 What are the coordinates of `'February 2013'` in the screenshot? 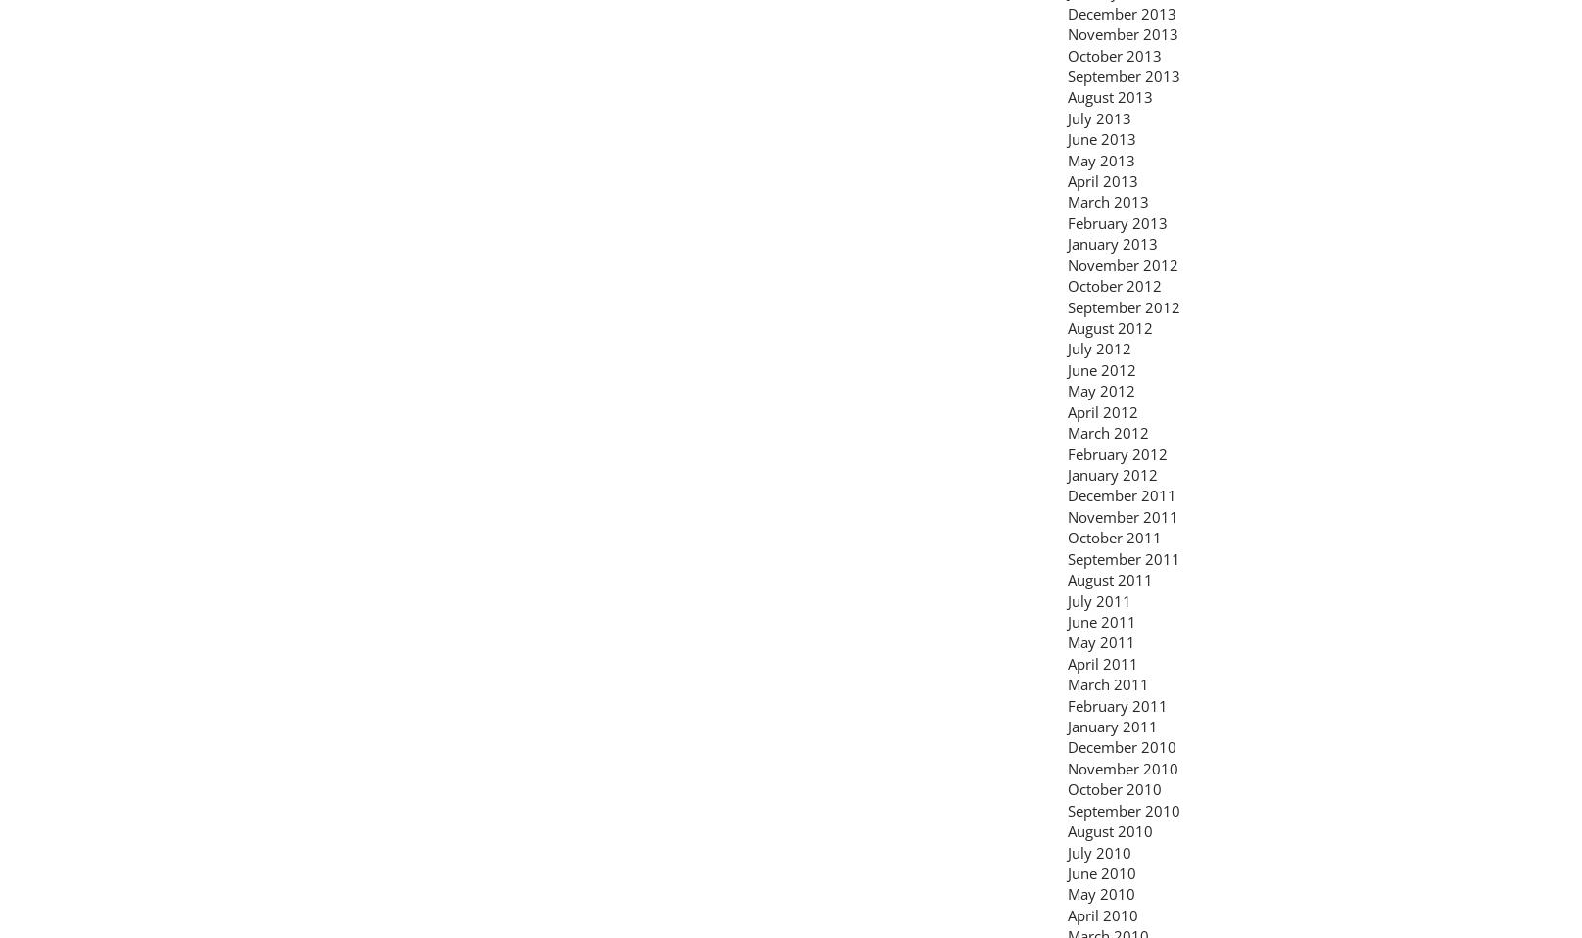 It's located at (1117, 221).